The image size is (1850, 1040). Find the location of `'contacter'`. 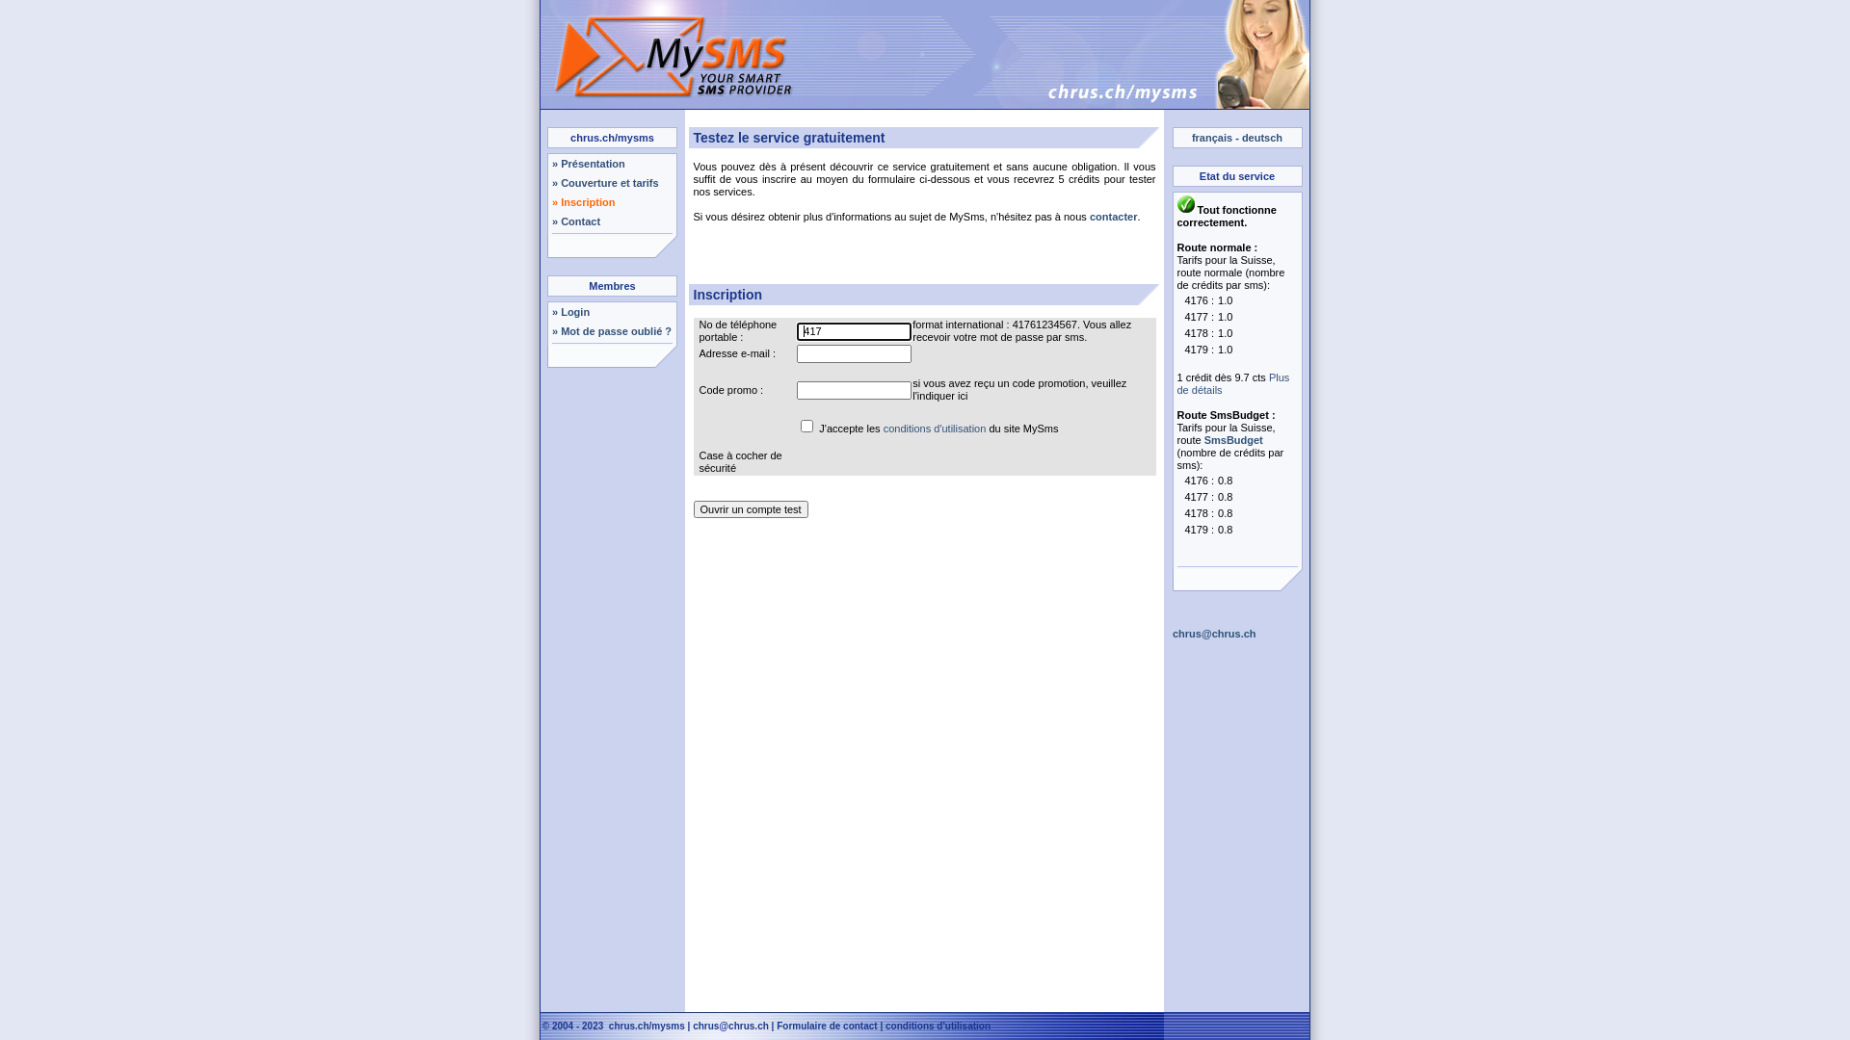

'contacter' is located at coordinates (1114, 216).